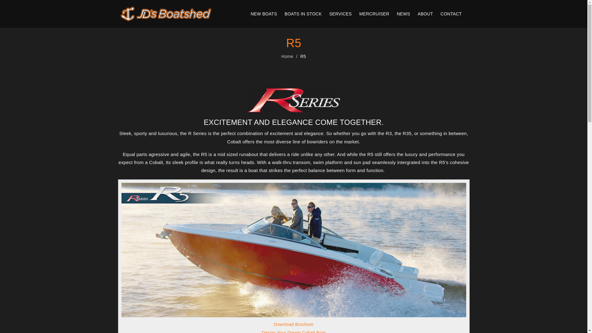  I want to click on 'NEWS', so click(403, 14).